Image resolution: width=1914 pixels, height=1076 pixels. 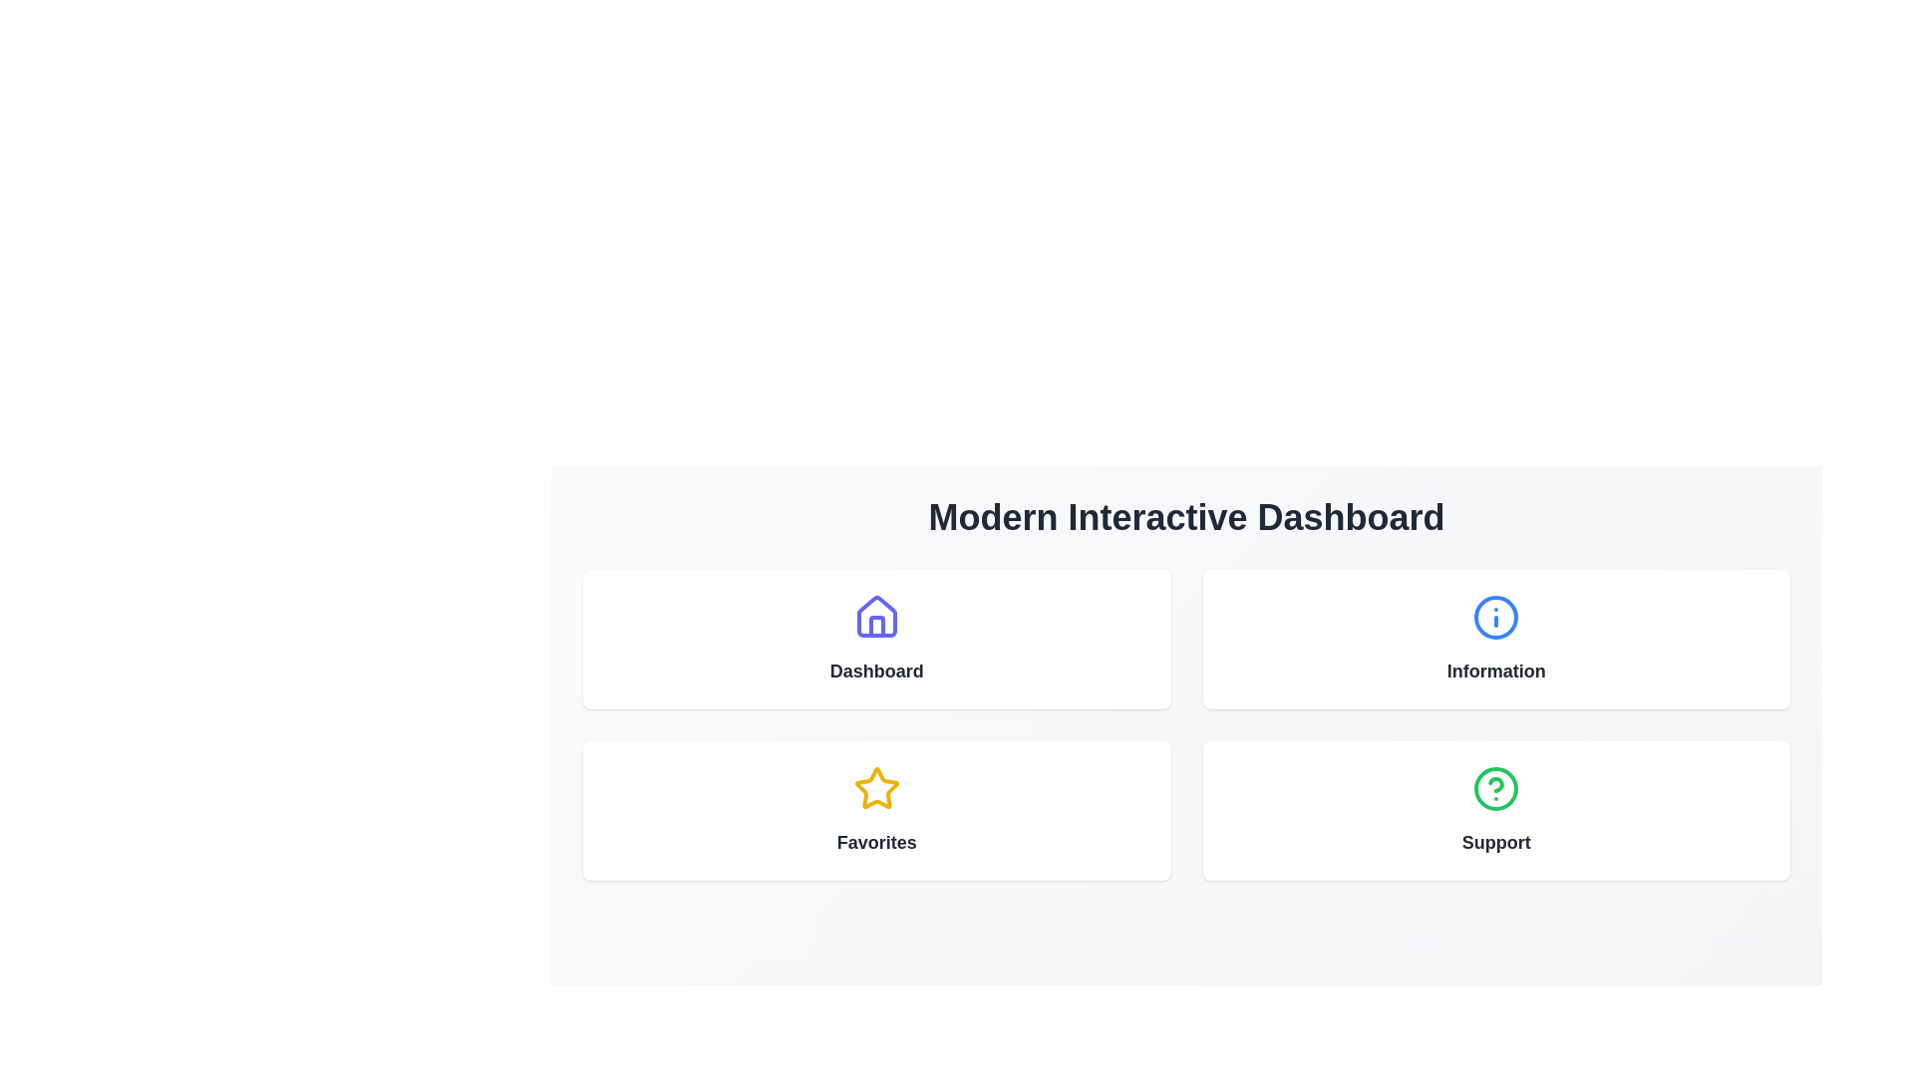 I want to click on the Text Label that indicates the purpose of the 'Information' card, located beneath the blue info icon in the top-right quadrant of the interface, so click(x=1496, y=672).